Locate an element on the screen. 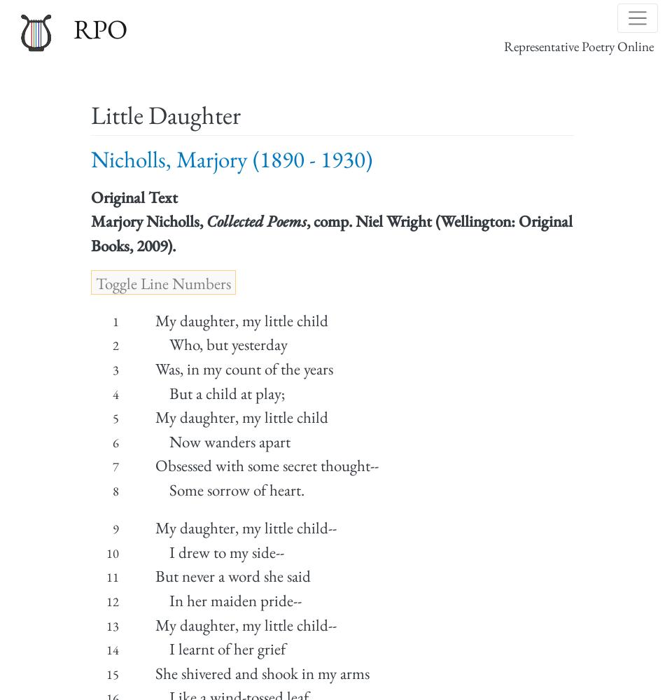 The width and height of the screenshot is (665, 700). 'But a child at play;' is located at coordinates (218, 393).